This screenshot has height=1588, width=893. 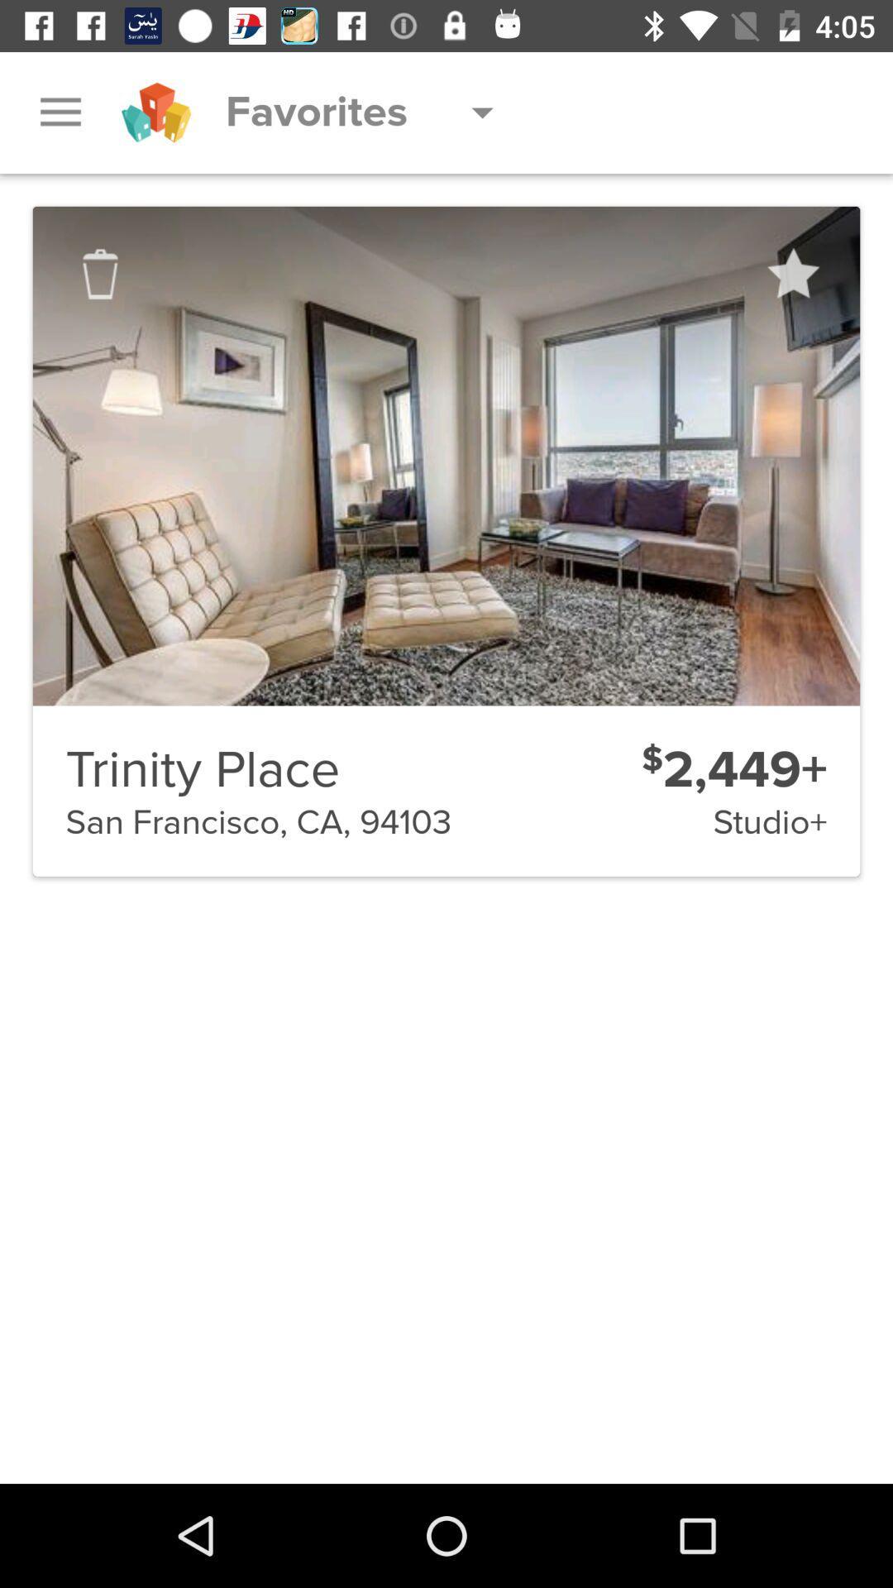 I want to click on delete, so click(x=100, y=274).